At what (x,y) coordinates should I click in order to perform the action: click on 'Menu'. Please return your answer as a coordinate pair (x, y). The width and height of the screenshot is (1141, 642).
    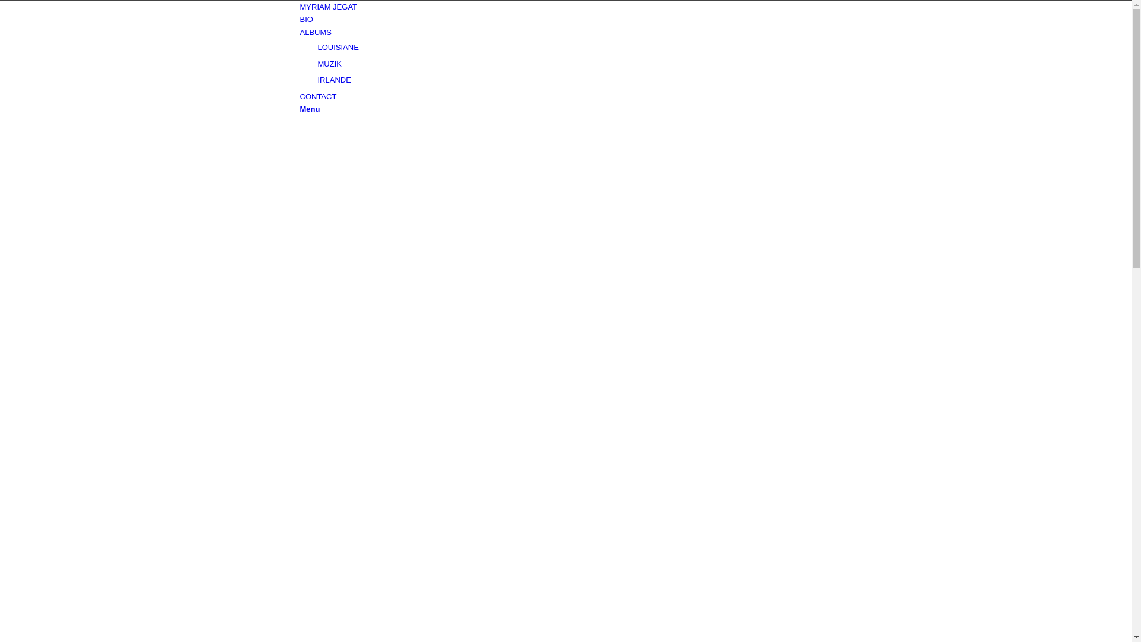
    Looking at the image, I should click on (310, 109).